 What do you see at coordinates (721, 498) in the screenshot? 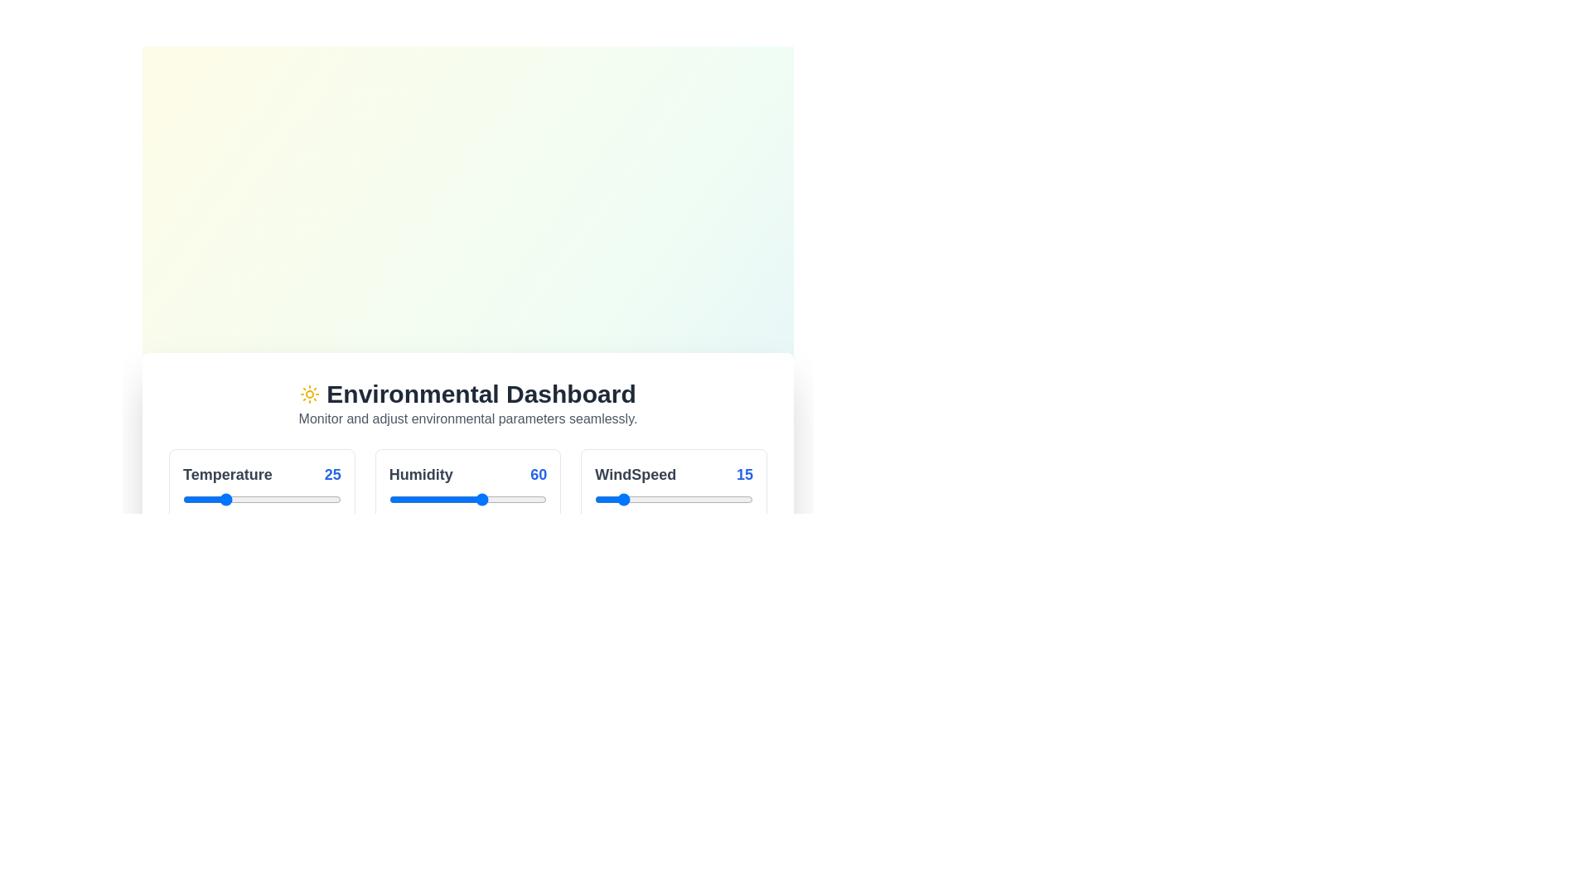
I see `the Wind Speed slider` at bounding box center [721, 498].